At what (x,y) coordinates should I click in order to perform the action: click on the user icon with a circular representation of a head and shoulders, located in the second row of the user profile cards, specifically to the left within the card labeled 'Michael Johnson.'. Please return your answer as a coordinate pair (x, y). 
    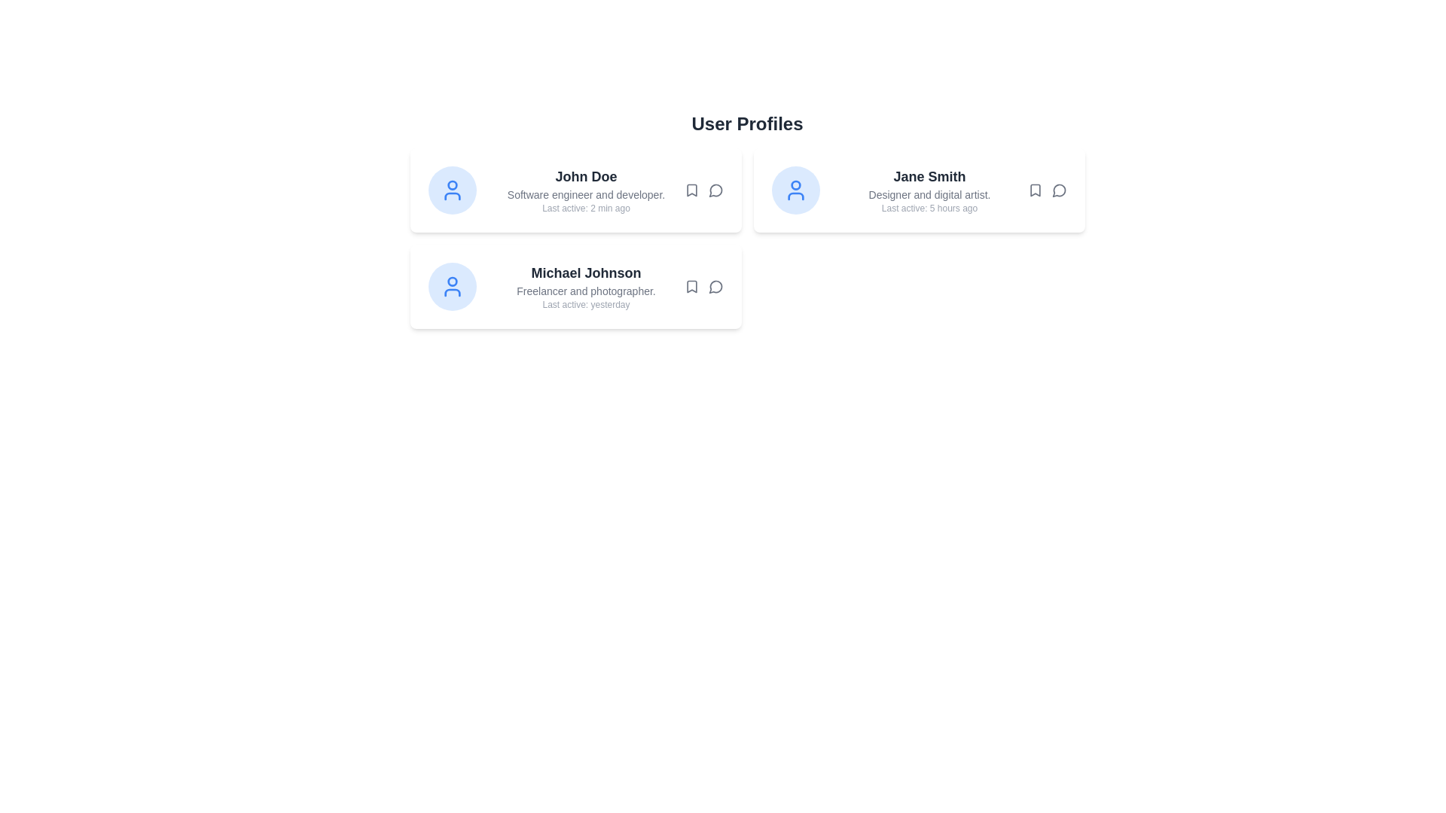
    Looking at the image, I should click on (451, 287).